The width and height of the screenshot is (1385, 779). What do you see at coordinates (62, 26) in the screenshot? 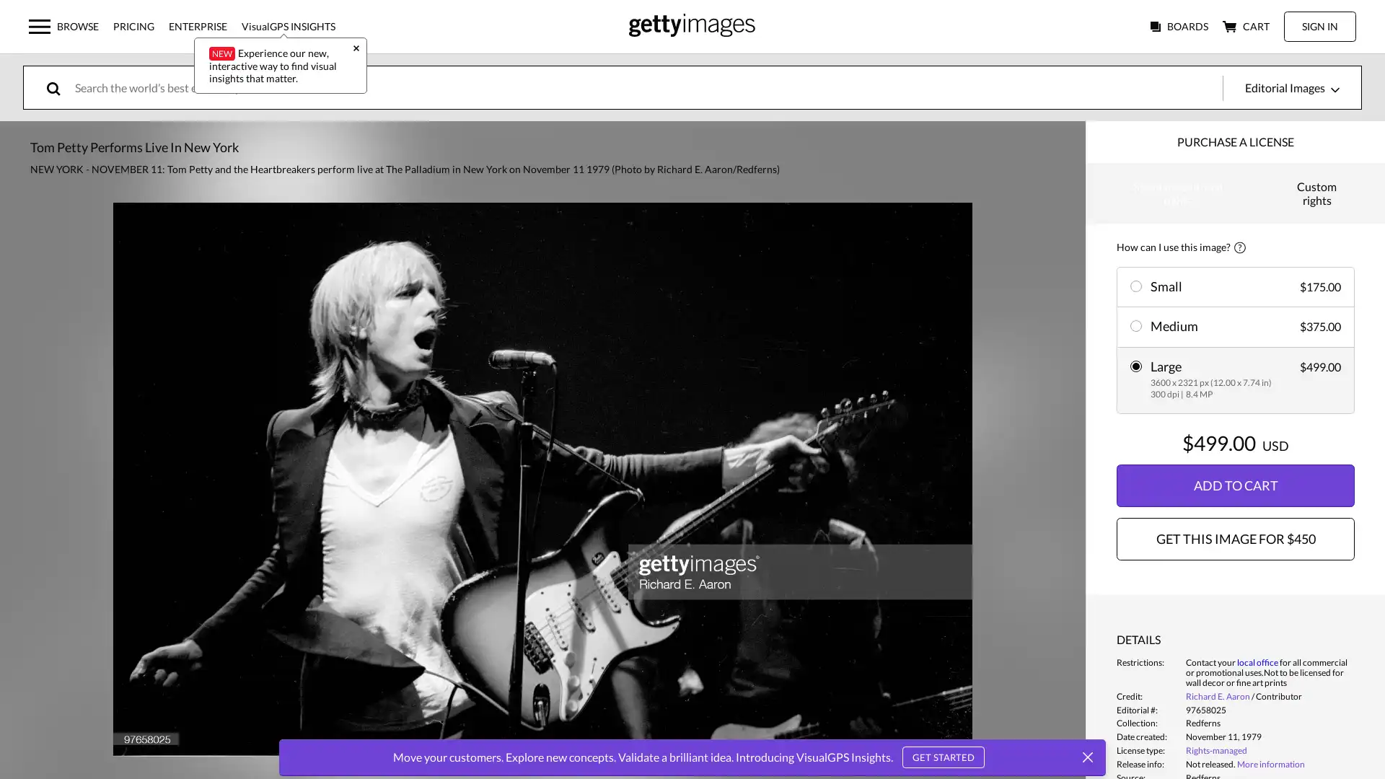
I see `BROWSE` at bounding box center [62, 26].